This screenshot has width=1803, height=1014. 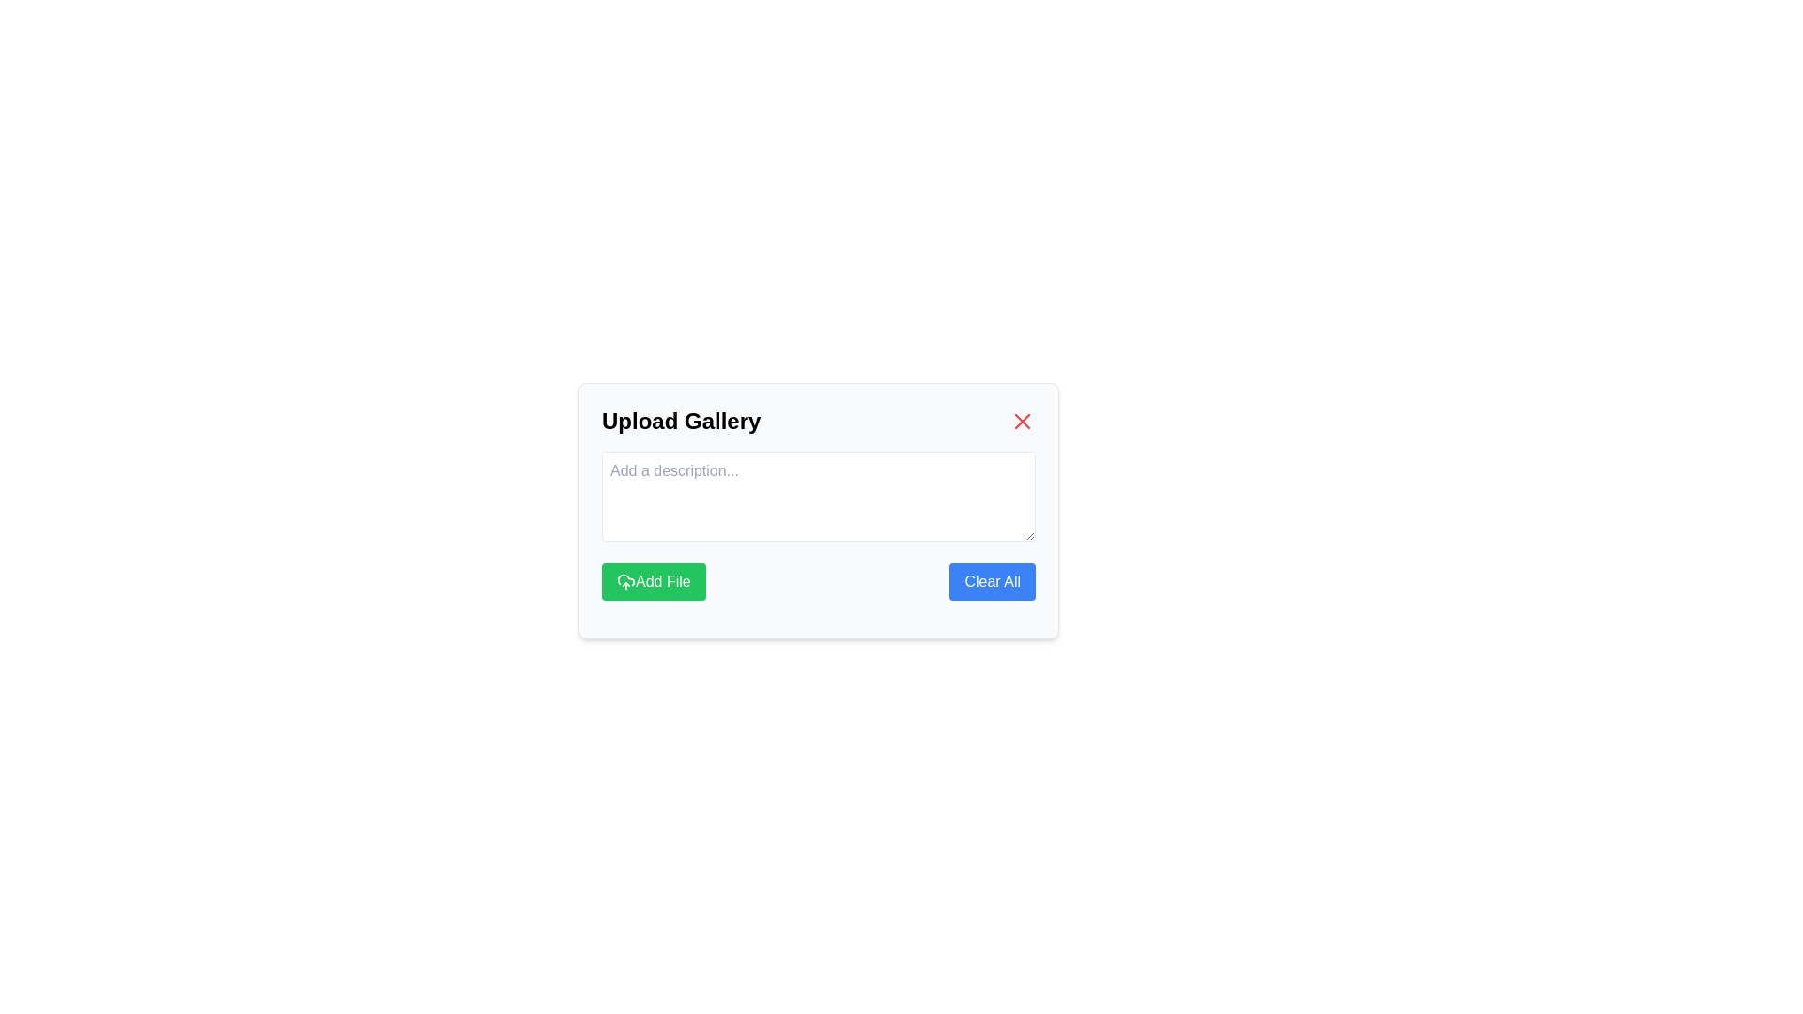 I want to click on within the central upload panel that has a light-gray background, rounded corners, and contains the title 'Upload Gallery' to interact with its functionalities, so click(x=819, y=510).